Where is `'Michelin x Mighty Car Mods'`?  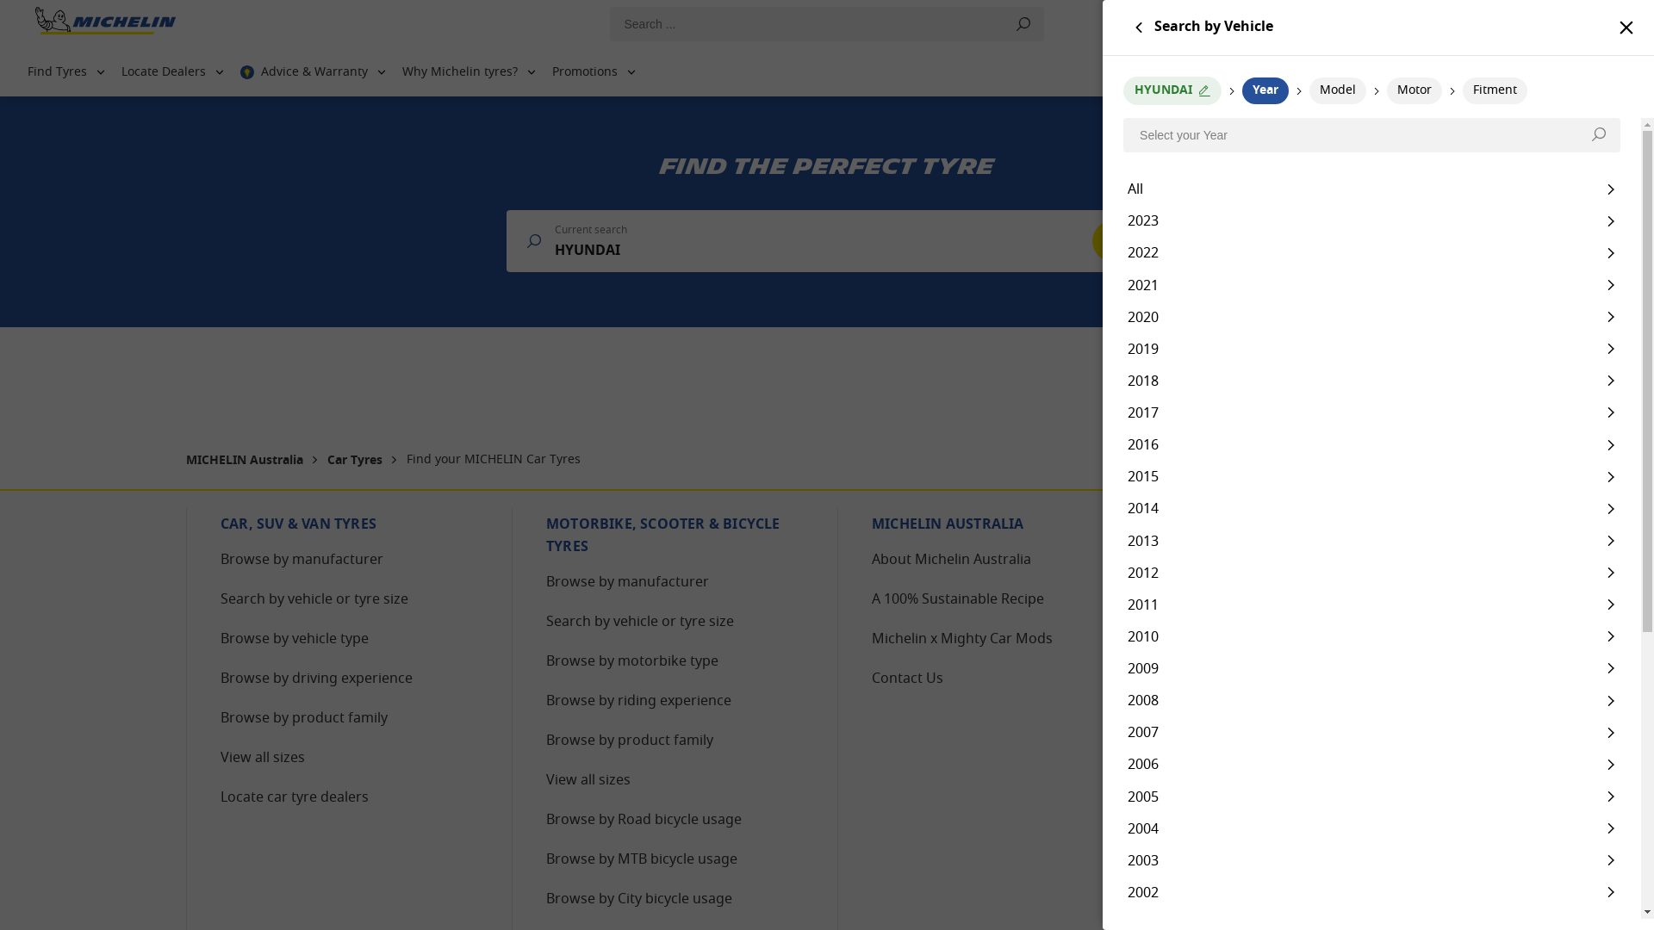
'Michelin x Mighty Car Mods' is located at coordinates (872, 640).